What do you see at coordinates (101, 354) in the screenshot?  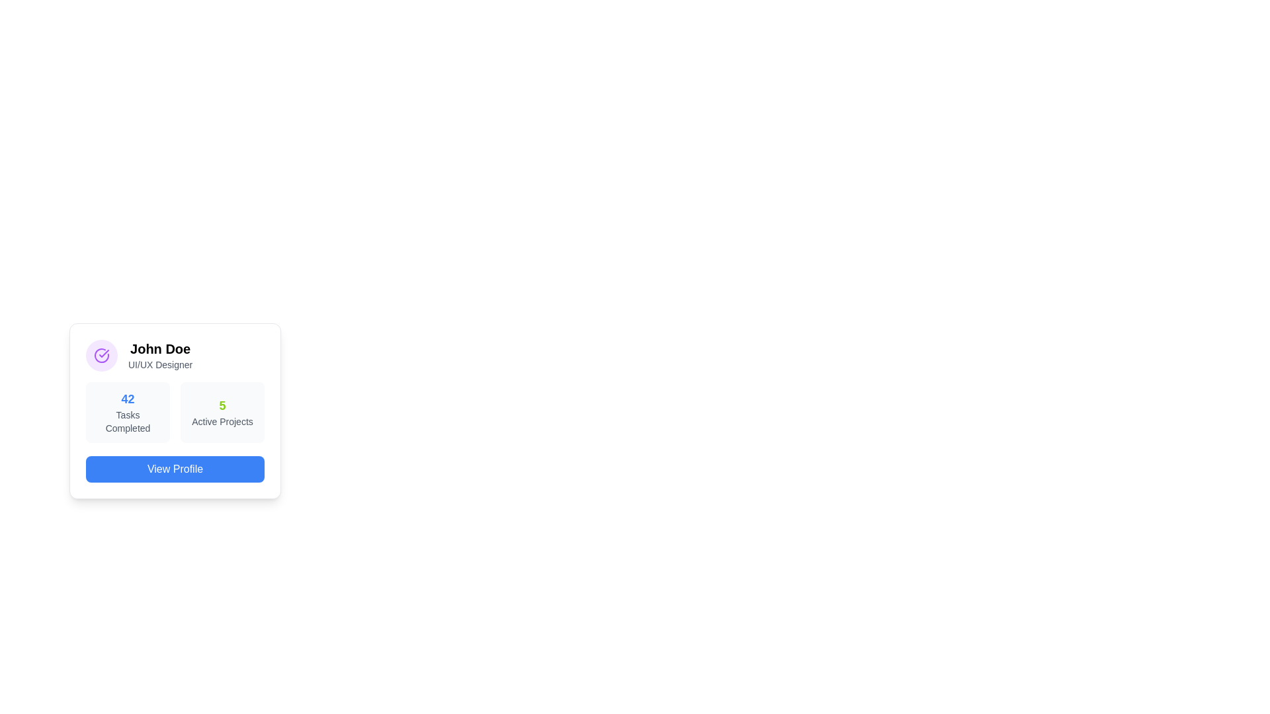 I see `the checkmark icon enclosed within a circle located at the top-left corner of the card layout, preceding the text 'John Doe - UI/UX Designer.'` at bounding box center [101, 354].